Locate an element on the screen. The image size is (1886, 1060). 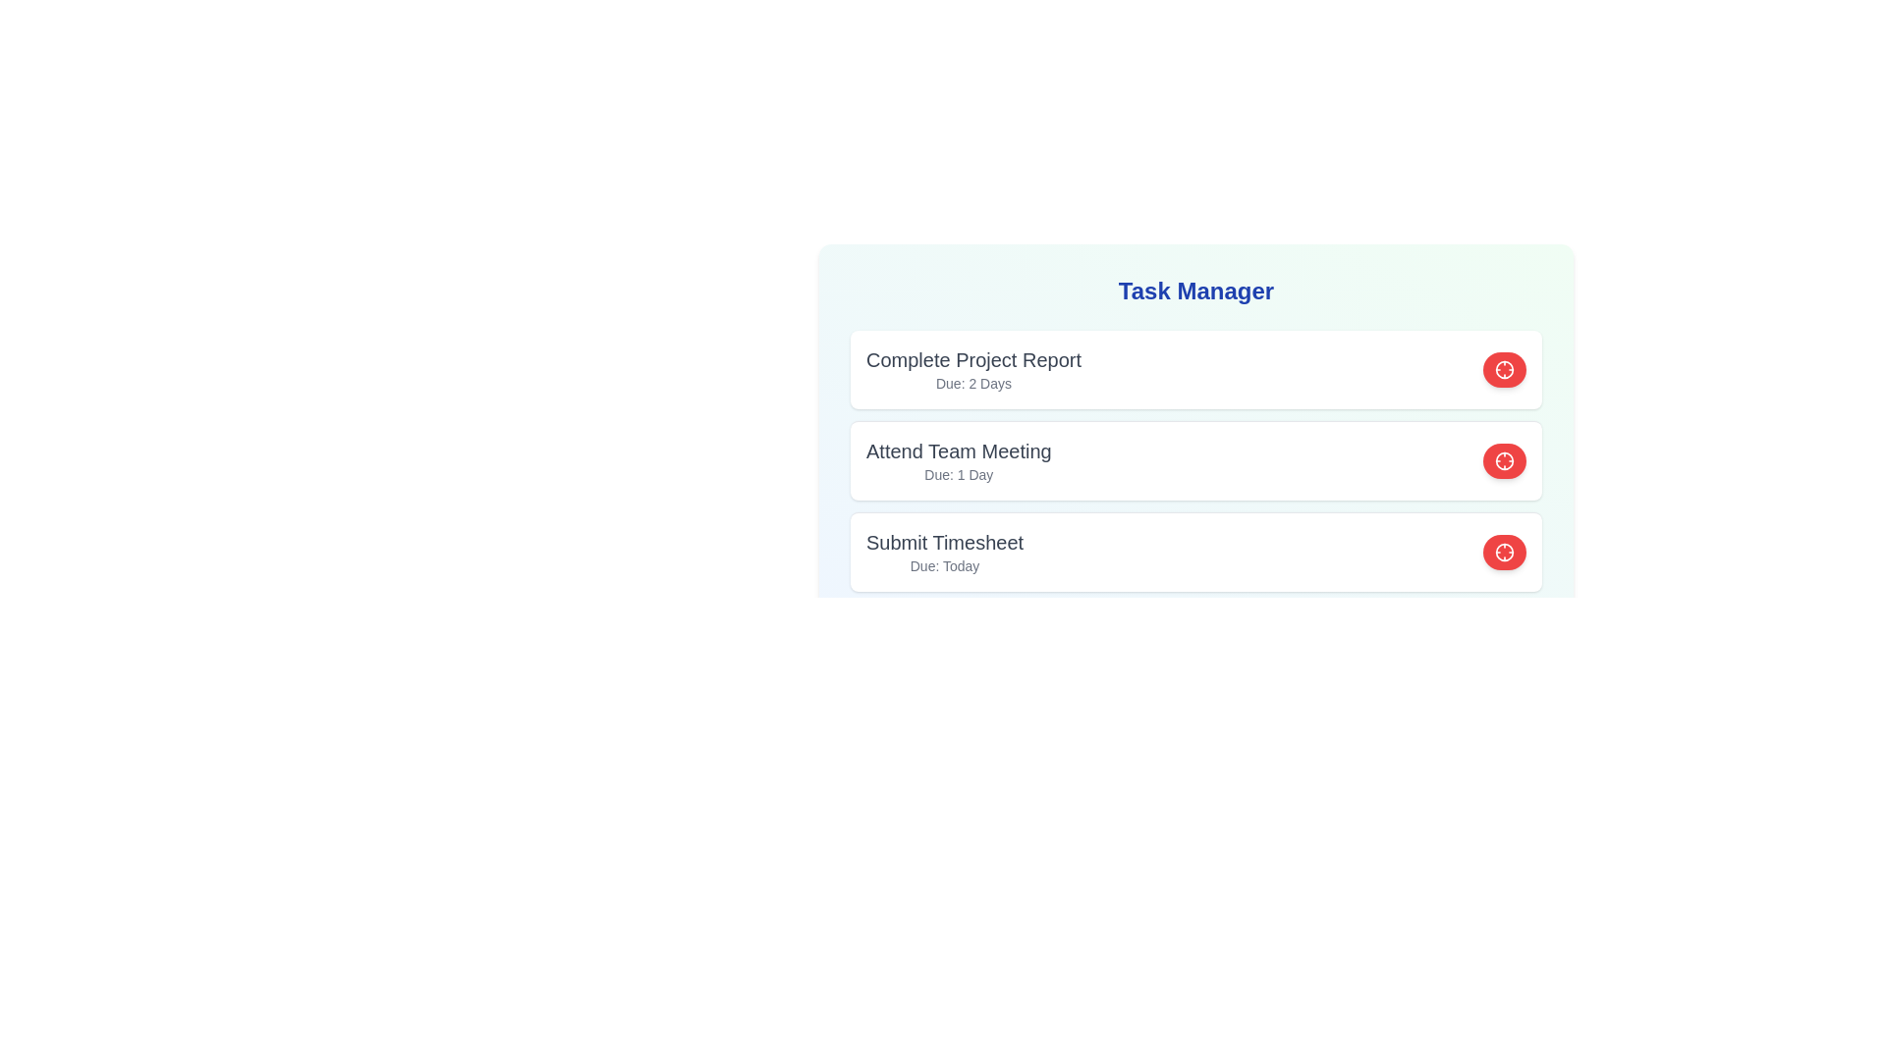
the Text Block displaying the title and due date of a task, which is the second item in a vertically arranged list of task entries is located at coordinates (959, 461).